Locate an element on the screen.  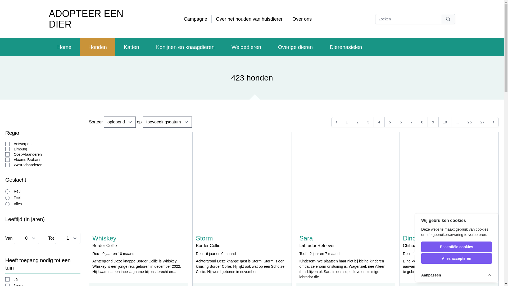
'8' is located at coordinates (422, 122).